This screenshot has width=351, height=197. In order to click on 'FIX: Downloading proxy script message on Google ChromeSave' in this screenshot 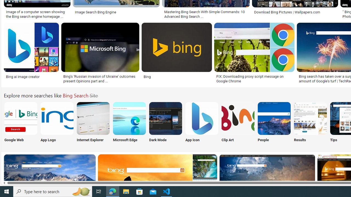, I will do `click(255, 54)`.